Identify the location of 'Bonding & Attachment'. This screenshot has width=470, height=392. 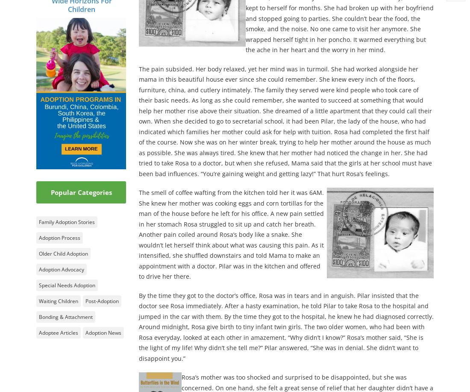
(65, 316).